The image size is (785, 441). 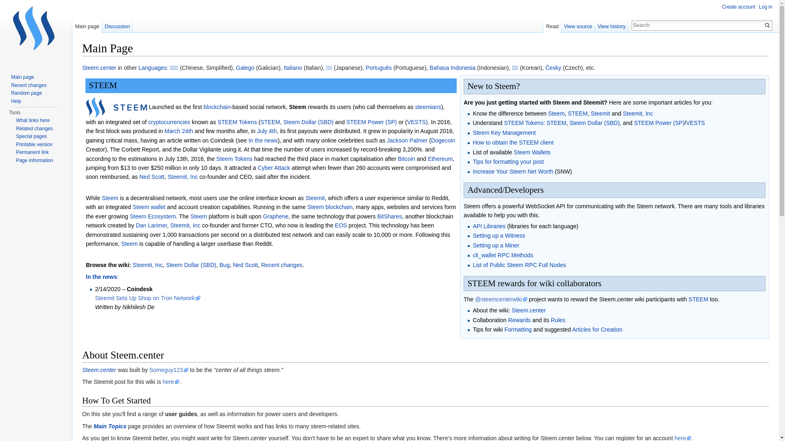 What do you see at coordinates (427, 107) in the screenshot?
I see `'steemians'` at bounding box center [427, 107].